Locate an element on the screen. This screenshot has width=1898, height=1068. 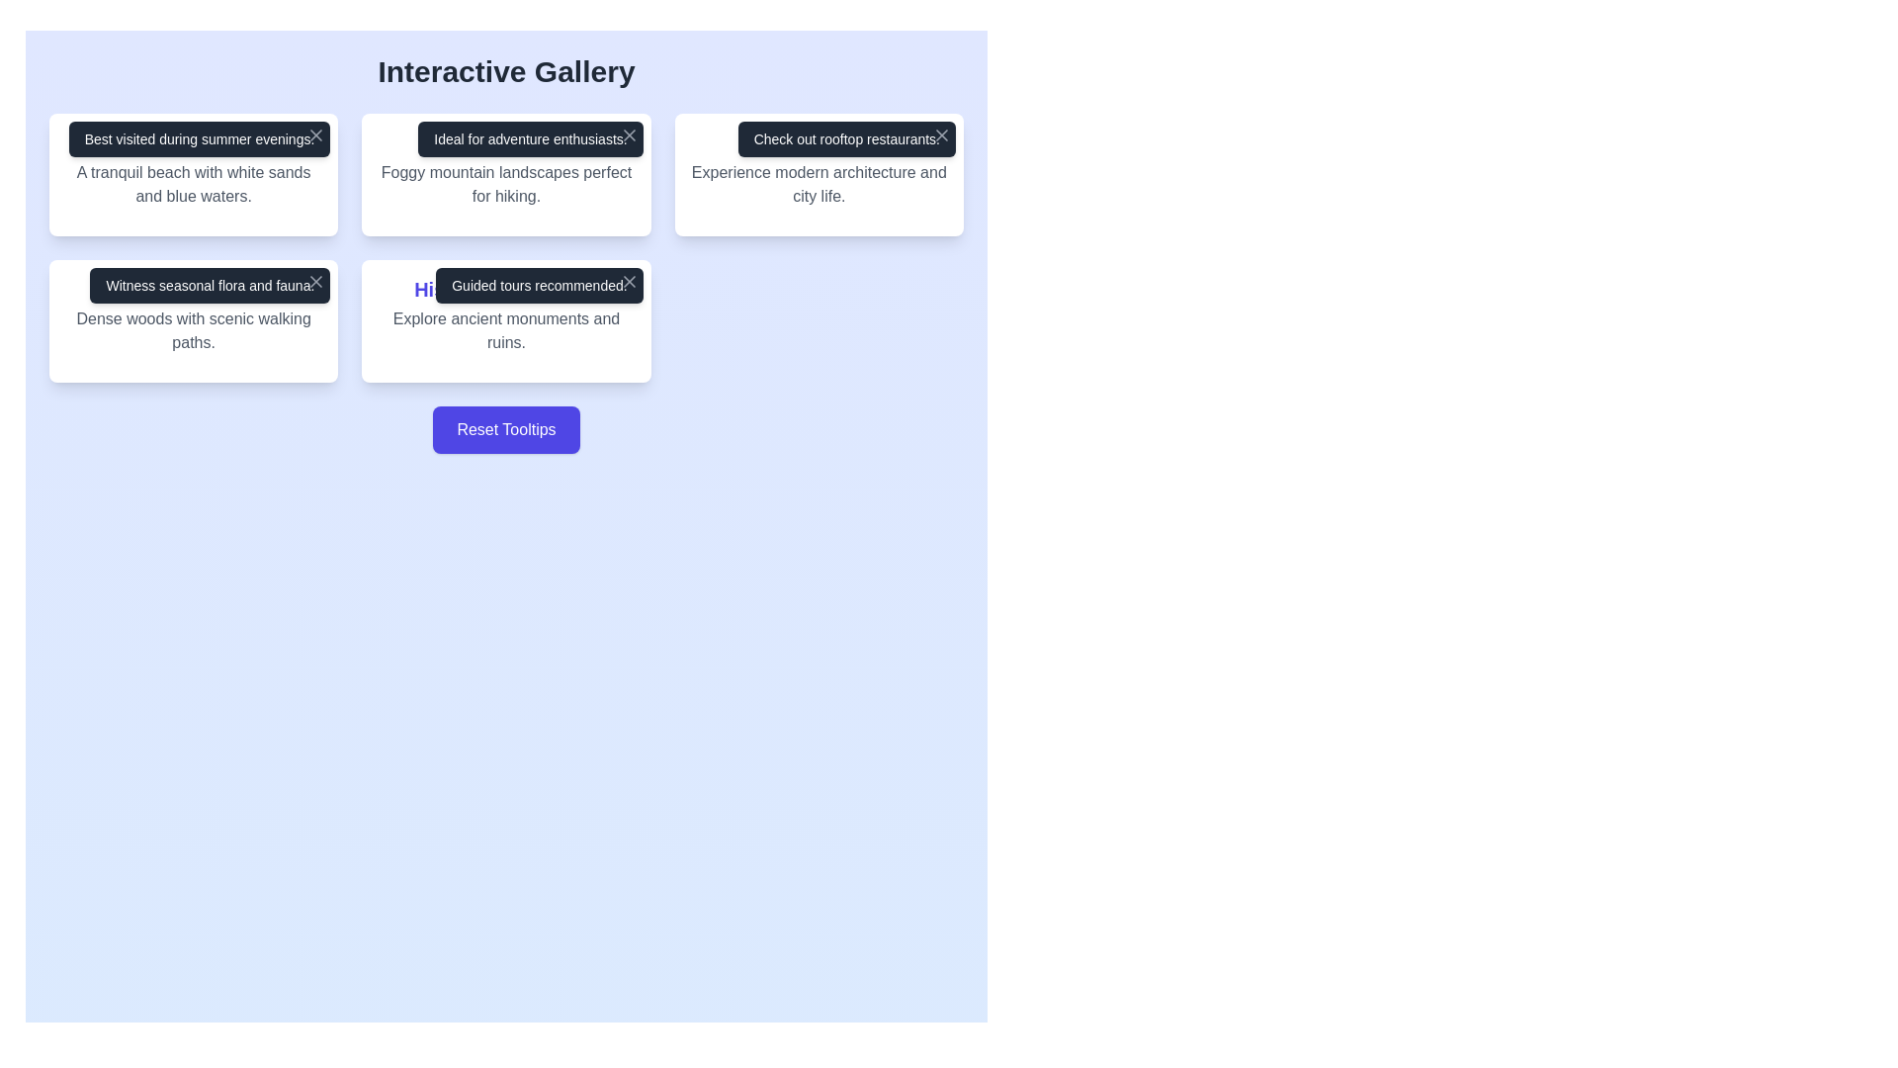
text content of the badge with a dark gray background and white text stating 'Ideal for adventure enthusiasts', located in the second card of the top row is located at coordinates (531, 138).